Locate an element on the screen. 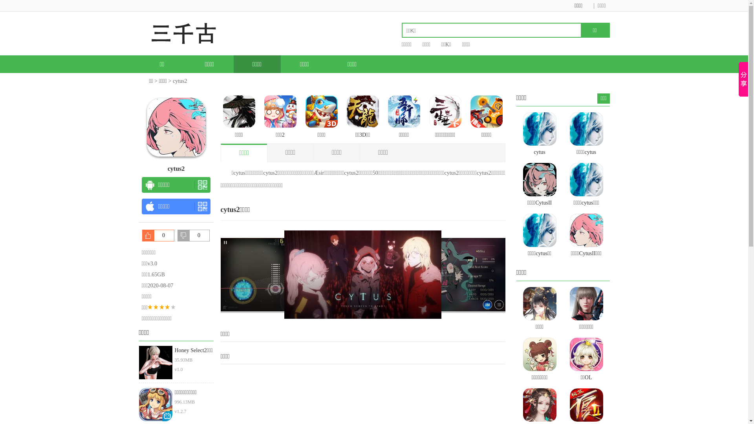 The width and height of the screenshot is (754, 424). '0' is located at coordinates (158, 235).